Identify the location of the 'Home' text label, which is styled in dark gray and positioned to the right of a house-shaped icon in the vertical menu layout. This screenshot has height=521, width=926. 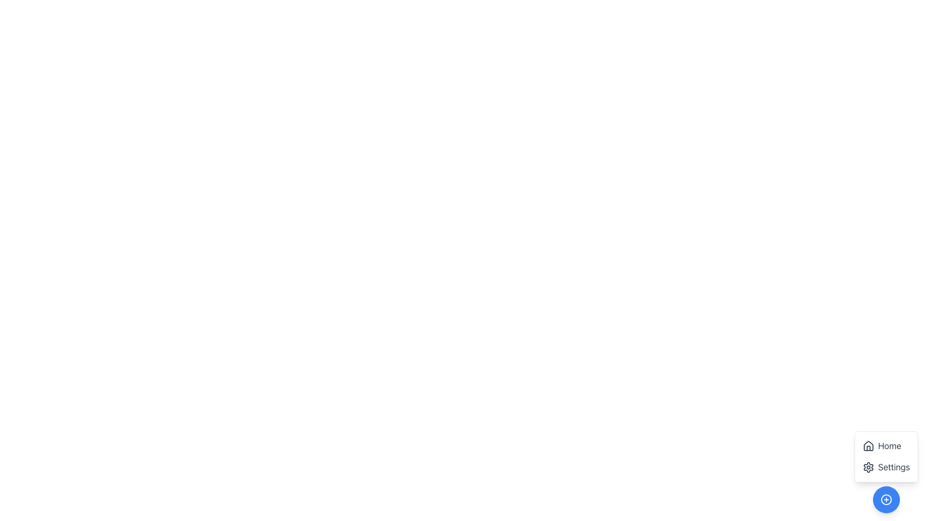
(889, 446).